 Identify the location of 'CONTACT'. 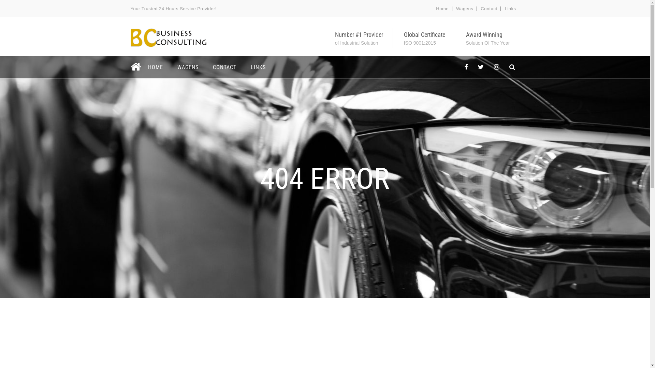
(224, 67).